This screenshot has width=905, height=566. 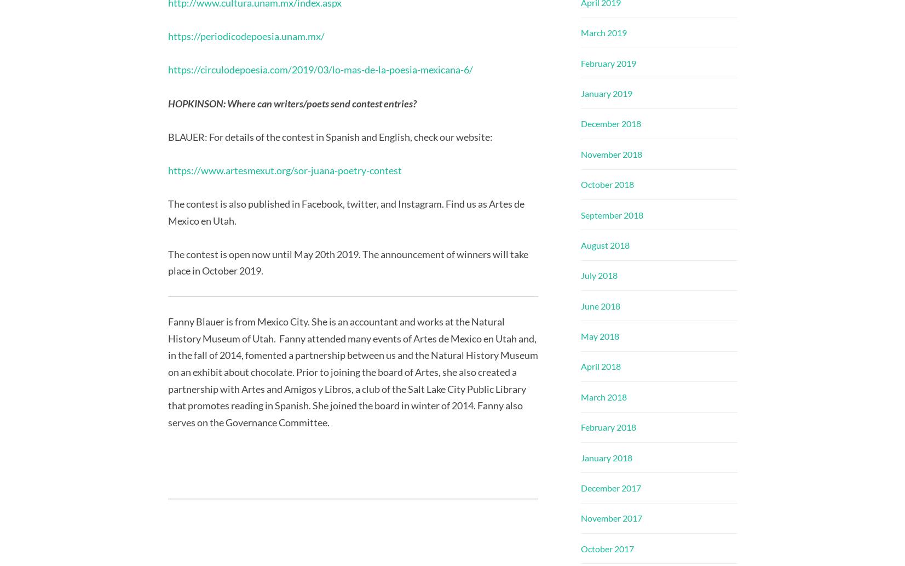 I want to click on 'March 2019', so click(x=603, y=32).